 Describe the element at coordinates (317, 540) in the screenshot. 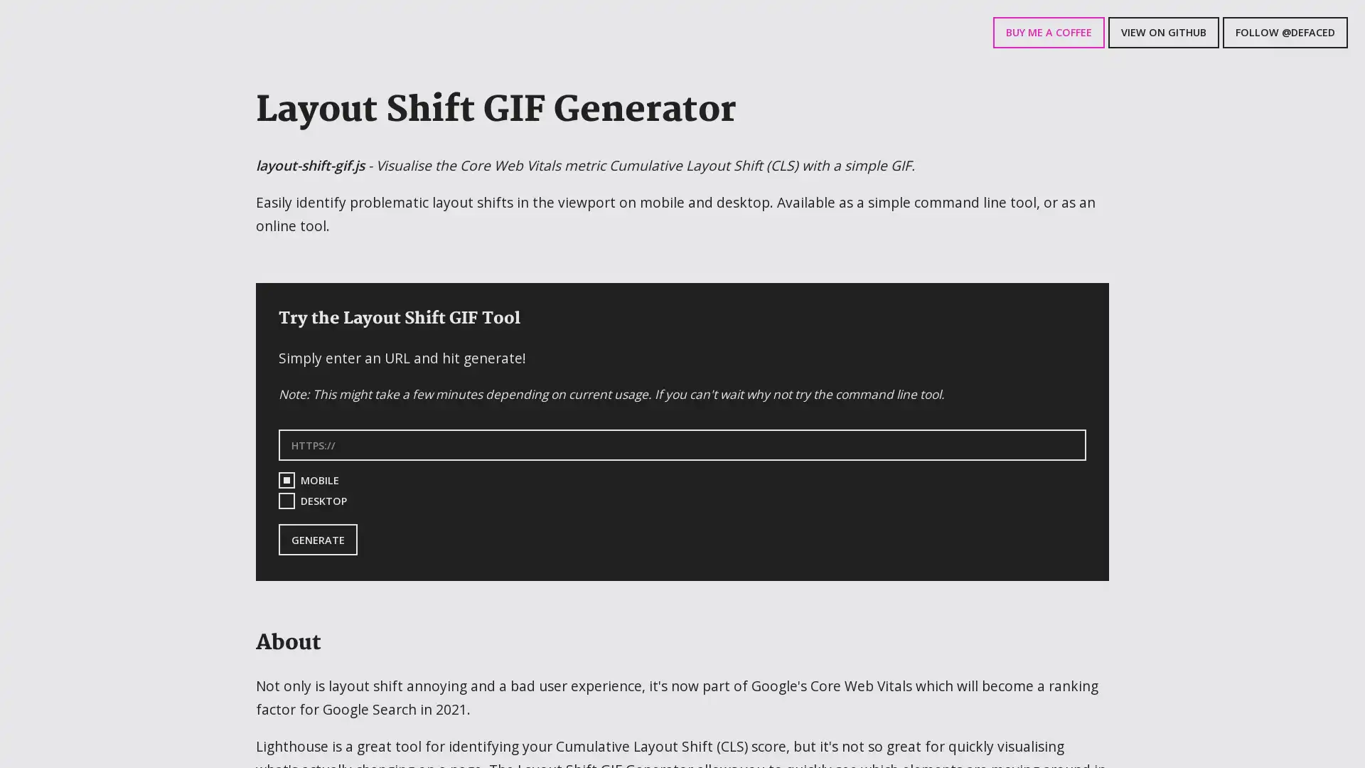

I see `Generate` at that location.